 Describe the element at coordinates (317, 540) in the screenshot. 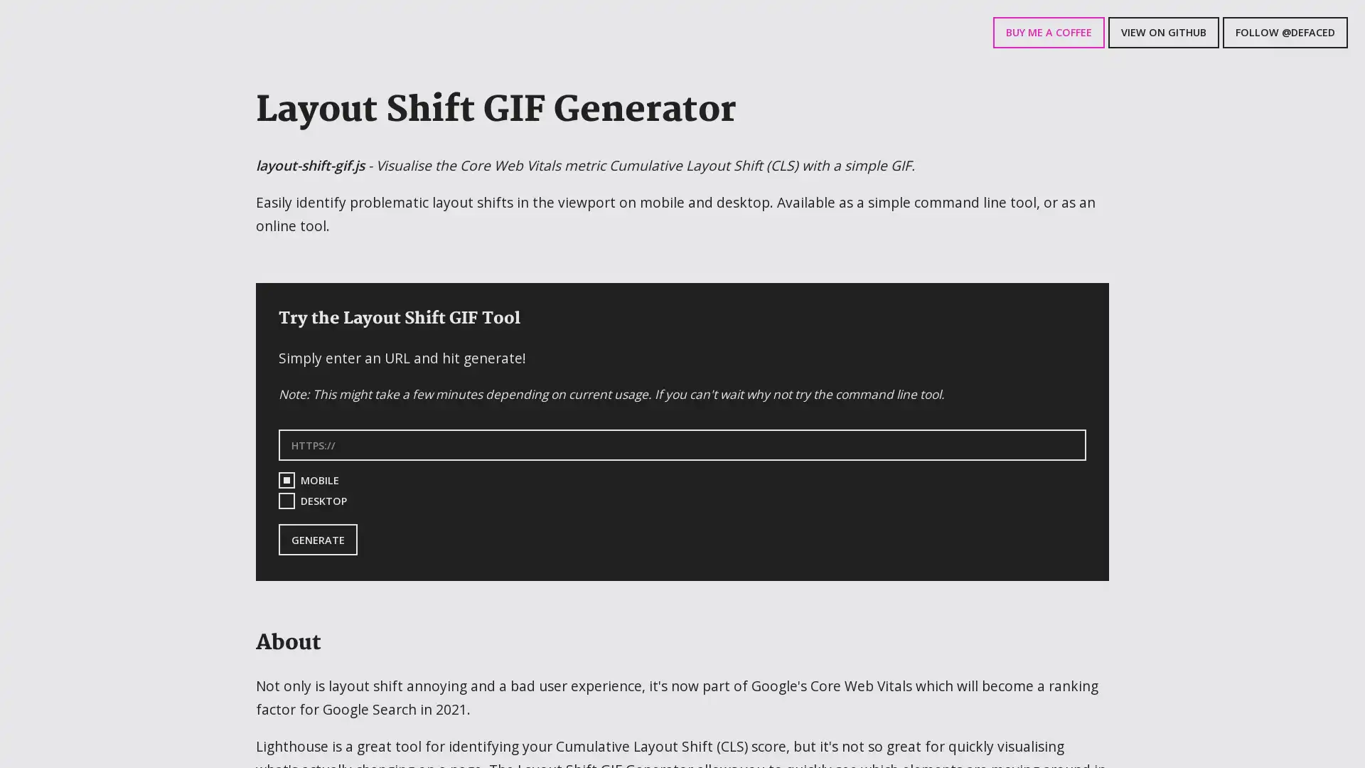

I see `Generate` at that location.